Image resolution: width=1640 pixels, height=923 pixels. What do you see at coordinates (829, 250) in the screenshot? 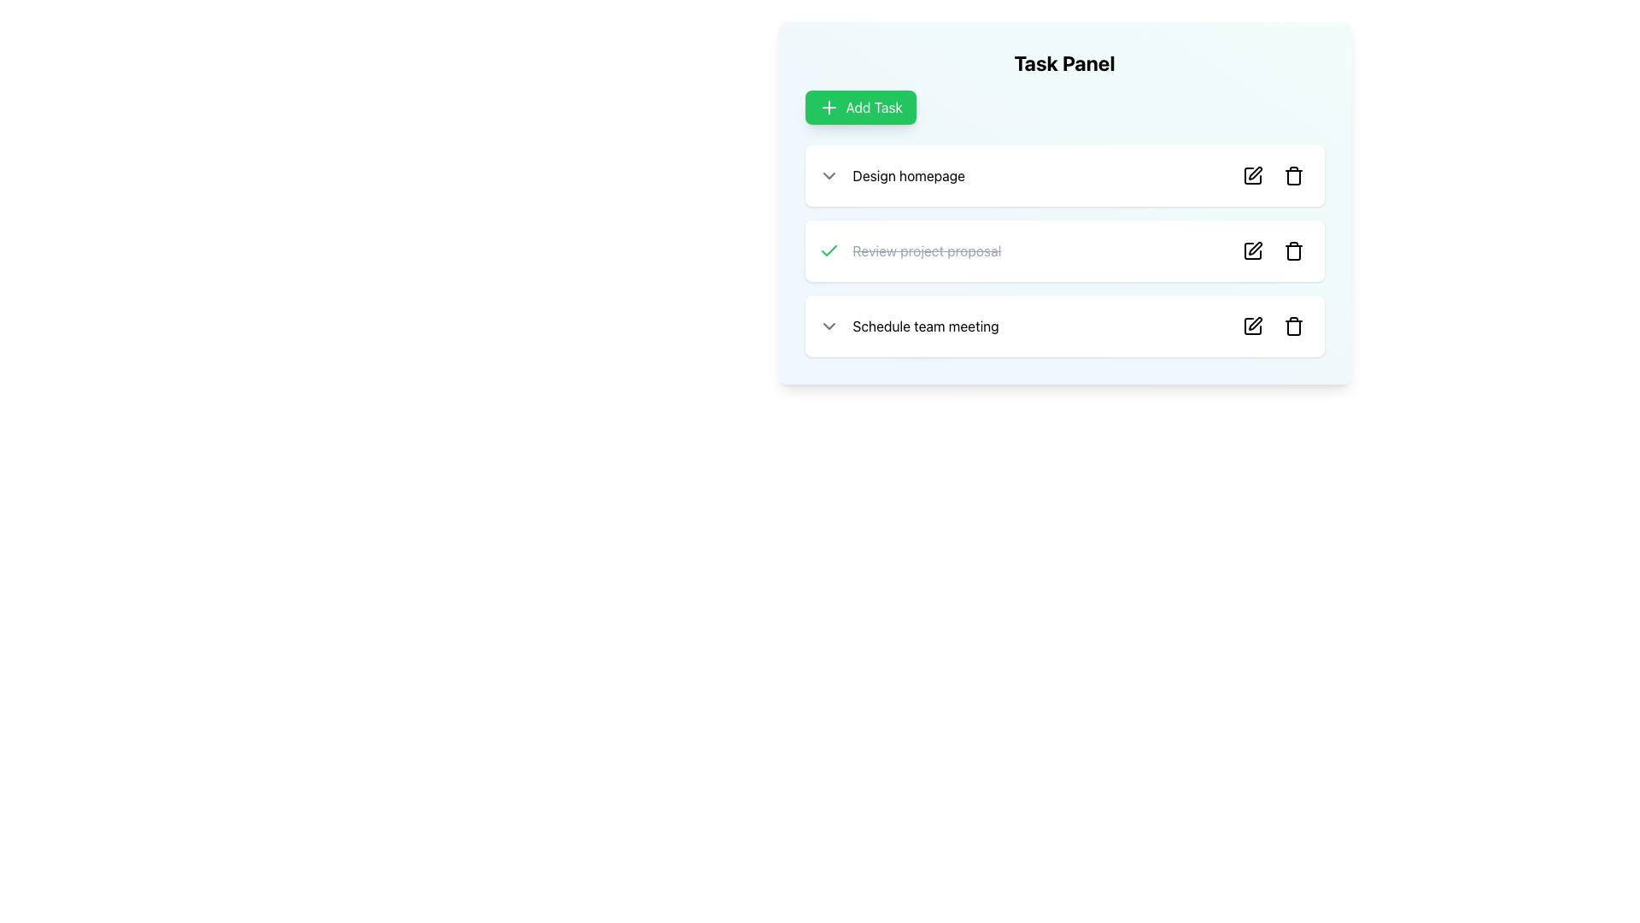
I see `the checkmark icon located on the right side of the task panel, adjacent to the task name 'Review project proposal', to mark the task as completed` at bounding box center [829, 250].